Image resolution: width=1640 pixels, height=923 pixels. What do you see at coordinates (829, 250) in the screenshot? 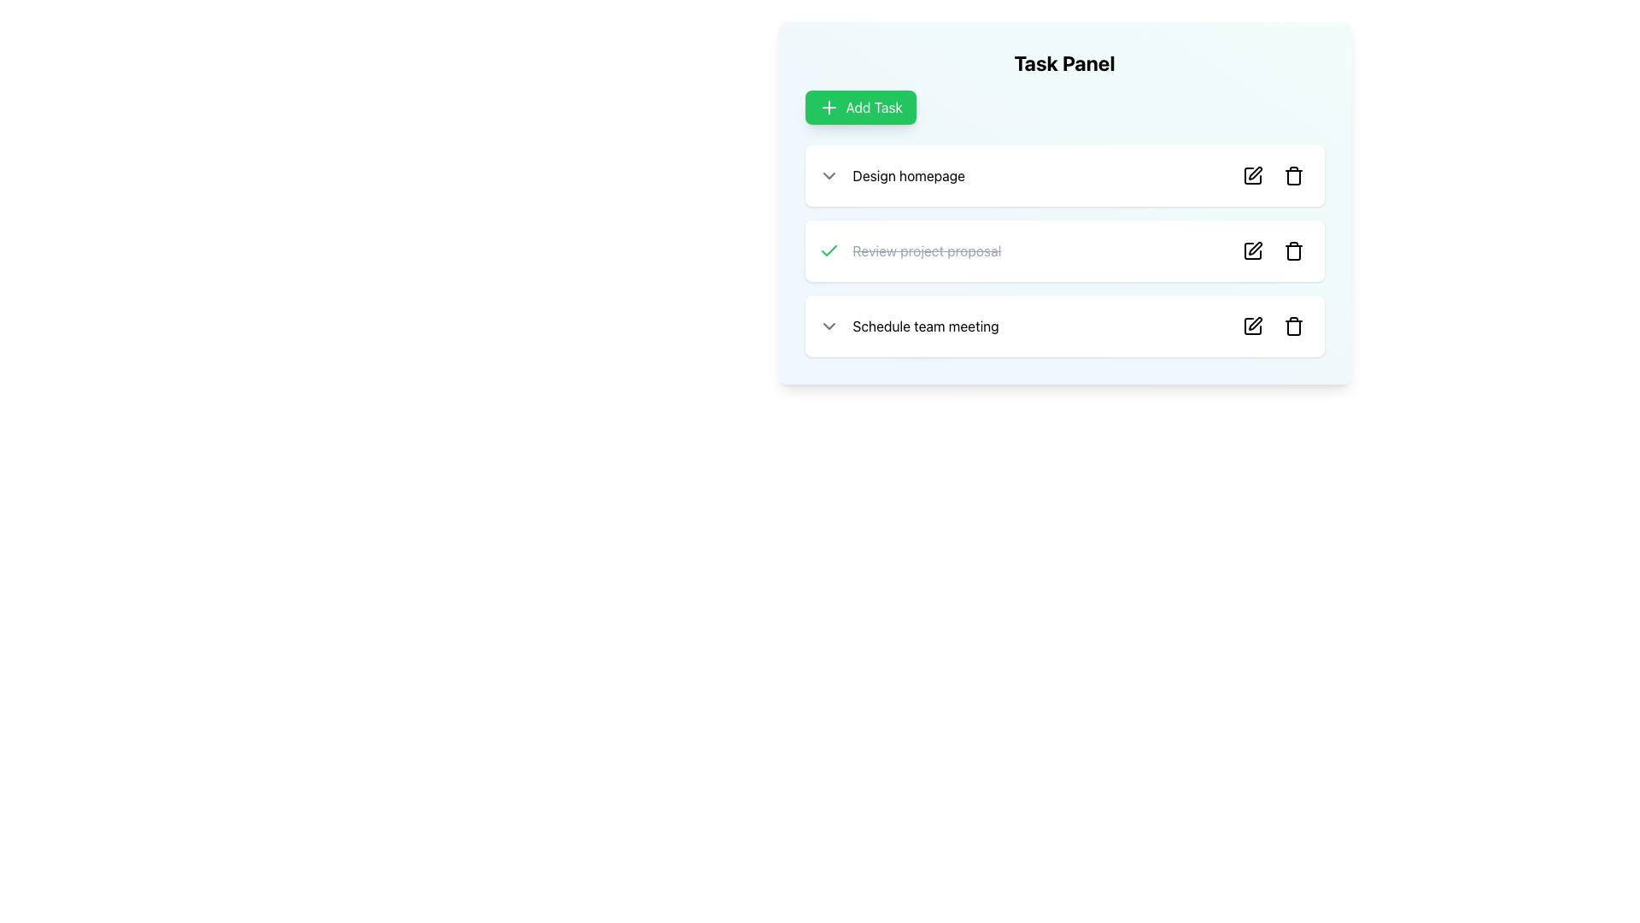
I see `the checkmark icon located on the right side of the task panel, adjacent to the task name 'Review project proposal', to mark the task as completed` at bounding box center [829, 250].